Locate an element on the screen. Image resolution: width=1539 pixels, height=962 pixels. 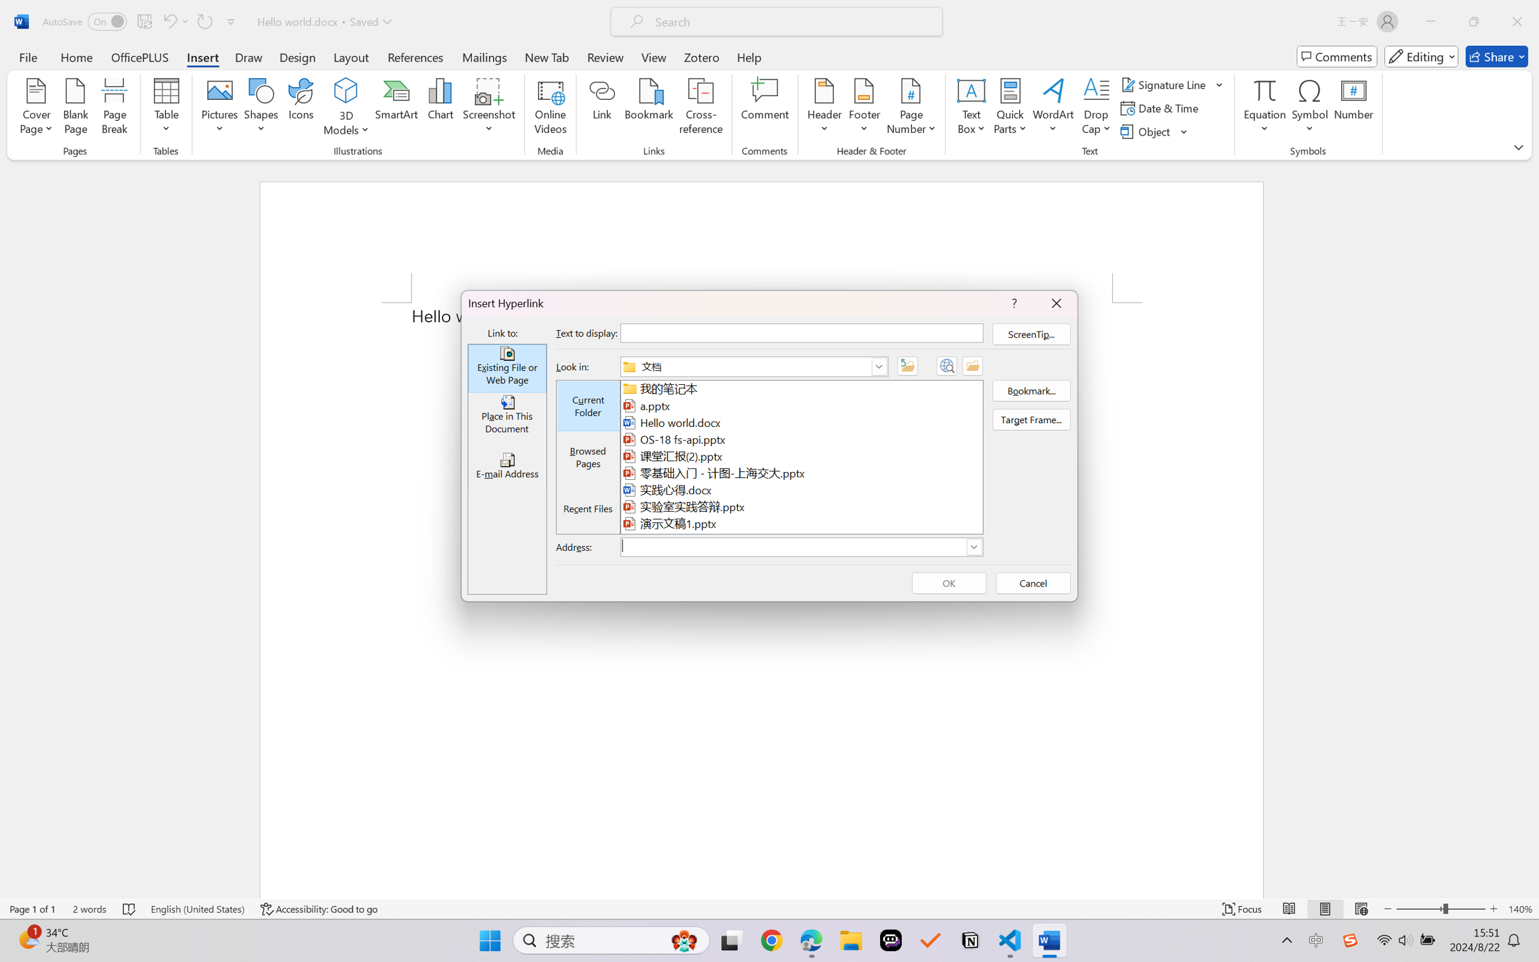
'Browse for File' is located at coordinates (972, 366).